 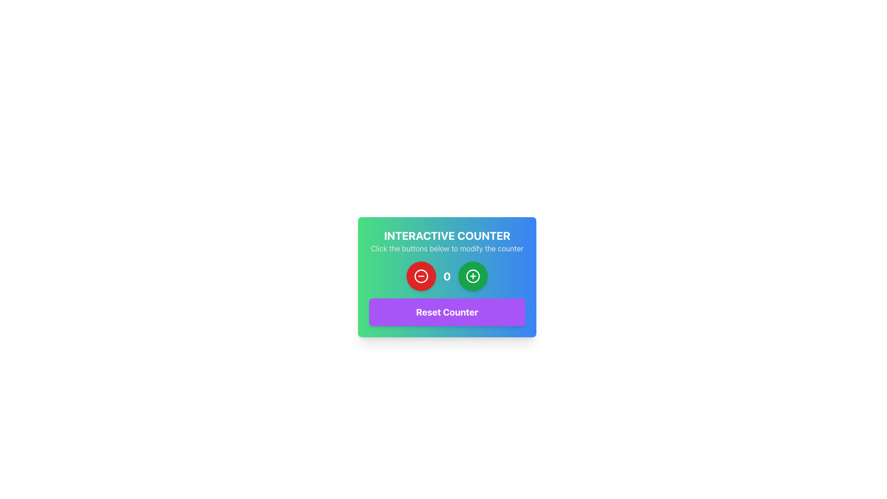 I want to click on displayed value of the numerical display, which shows '0' in a large bold white font, positioned centrally between two buttons in the interactive counter component, so click(x=447, y=275).